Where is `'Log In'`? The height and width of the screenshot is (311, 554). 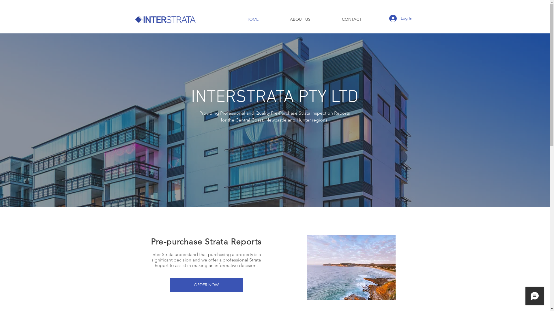 'Log In' is located at coordinates (385, 18).